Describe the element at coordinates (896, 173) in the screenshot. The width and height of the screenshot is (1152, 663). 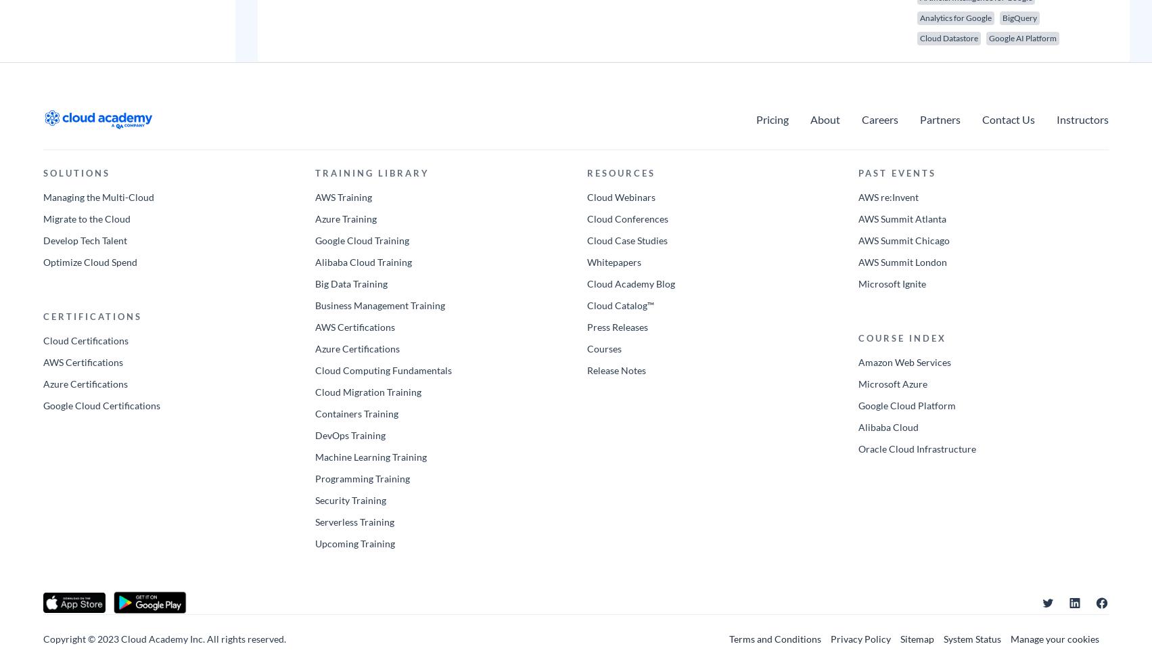
I see `'PAST EVENTS'` at that location.